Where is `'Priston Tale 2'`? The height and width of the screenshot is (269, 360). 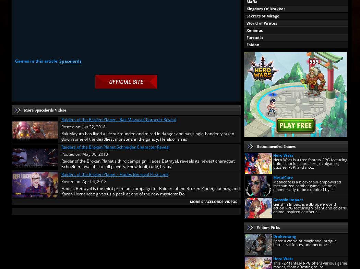
'Priston Tale 2' is located at coordinates (259, 210).